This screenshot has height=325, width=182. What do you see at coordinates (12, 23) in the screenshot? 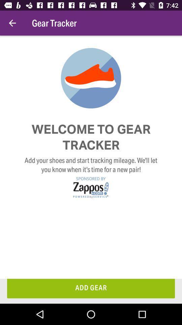
I see `the icon next to gear tracker item` at bounding box center [12, 23].